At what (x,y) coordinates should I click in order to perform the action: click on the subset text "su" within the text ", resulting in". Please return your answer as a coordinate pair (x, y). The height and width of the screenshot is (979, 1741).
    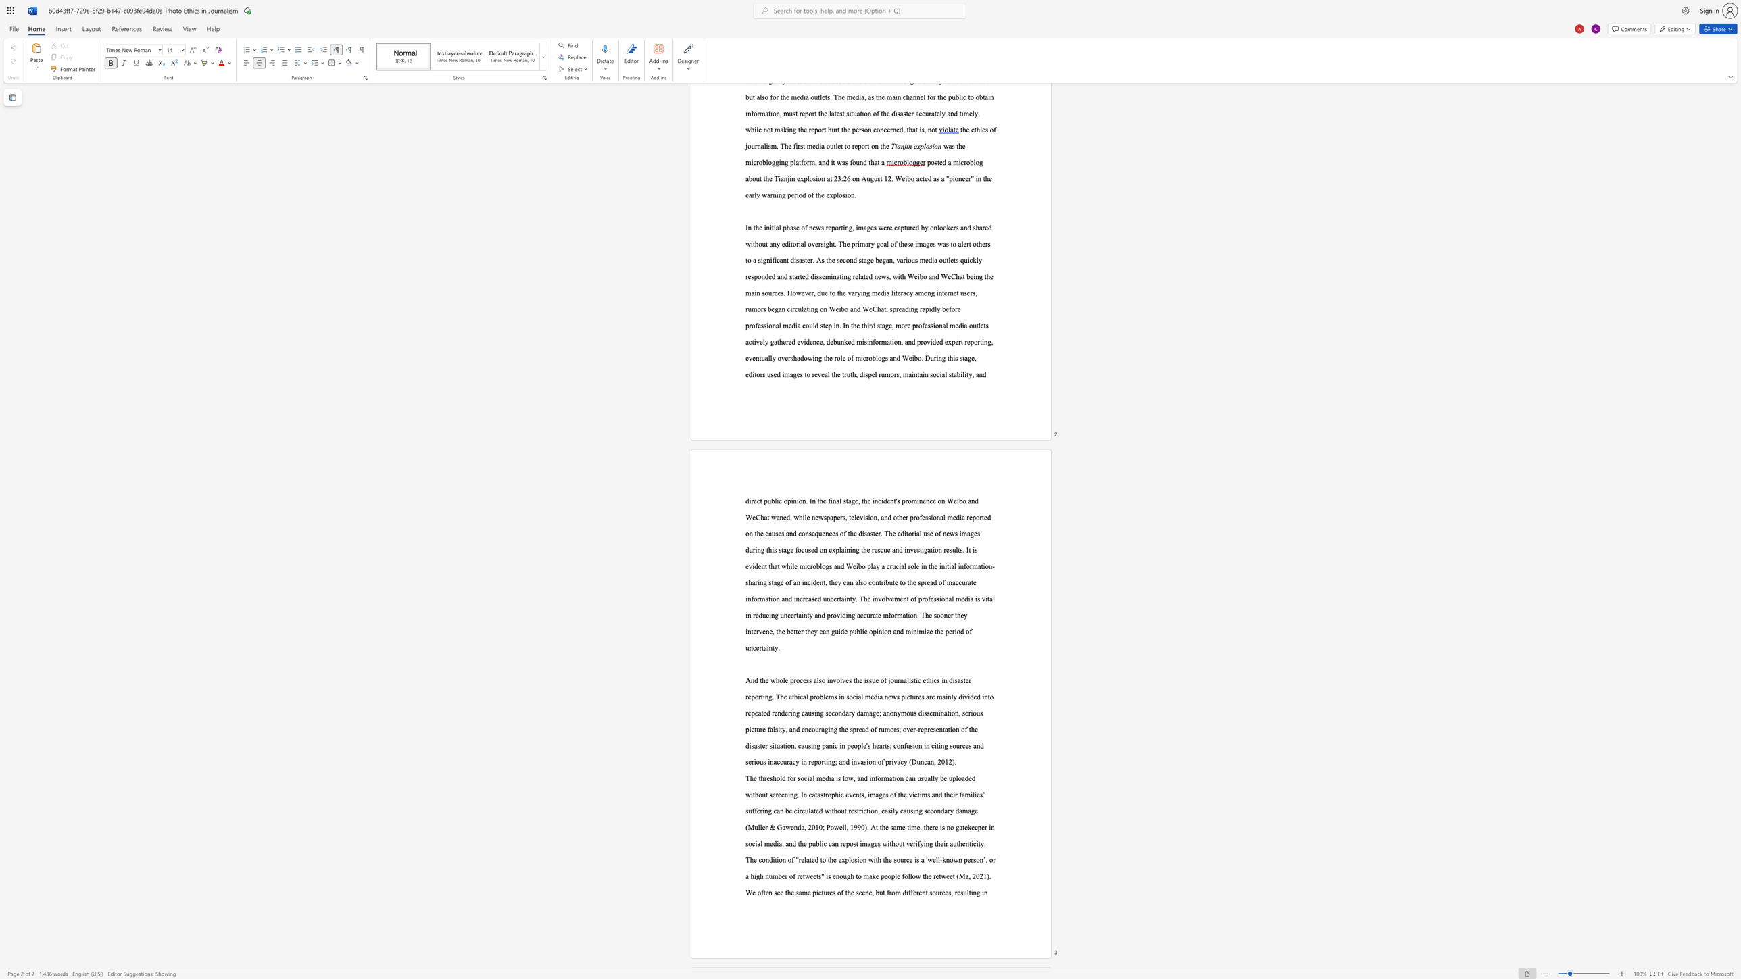
    Looking at the image, I should click on (960, 892).